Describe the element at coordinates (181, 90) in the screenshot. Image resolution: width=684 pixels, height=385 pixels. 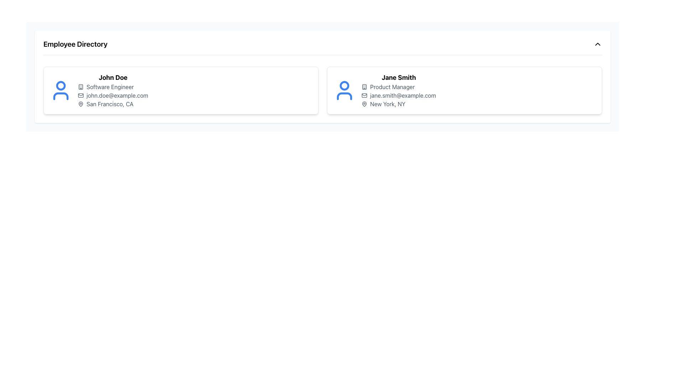
I see `the Contact information card, which is the first card in a grid layout located at the top row, left-most position` at that location.